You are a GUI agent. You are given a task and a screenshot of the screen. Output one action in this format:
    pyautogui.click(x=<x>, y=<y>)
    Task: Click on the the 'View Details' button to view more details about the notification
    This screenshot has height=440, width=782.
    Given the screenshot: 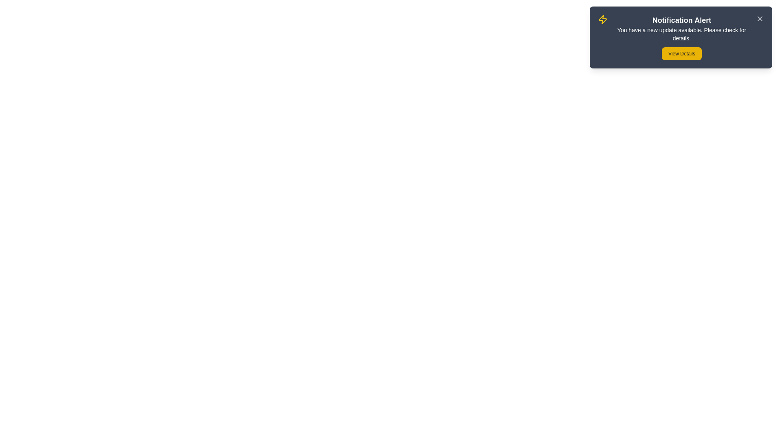 What is the action you would take?
    pyautogui.click(x=682, y=53)
    